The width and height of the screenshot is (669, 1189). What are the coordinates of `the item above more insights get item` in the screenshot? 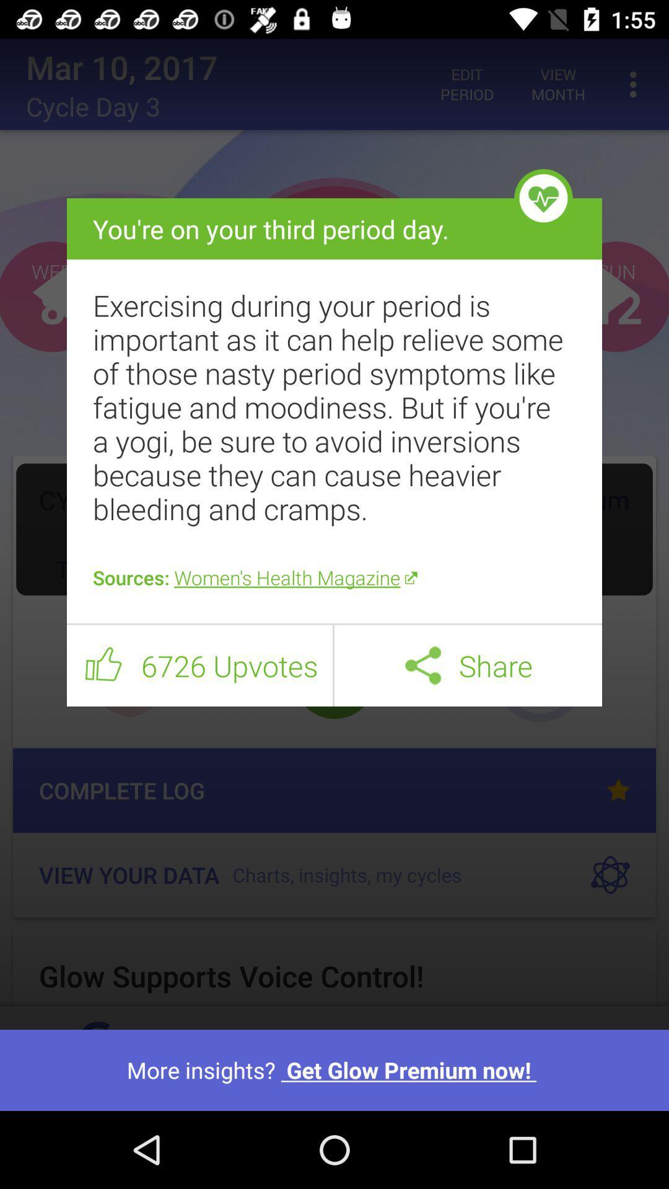 It's located at (334, 796).